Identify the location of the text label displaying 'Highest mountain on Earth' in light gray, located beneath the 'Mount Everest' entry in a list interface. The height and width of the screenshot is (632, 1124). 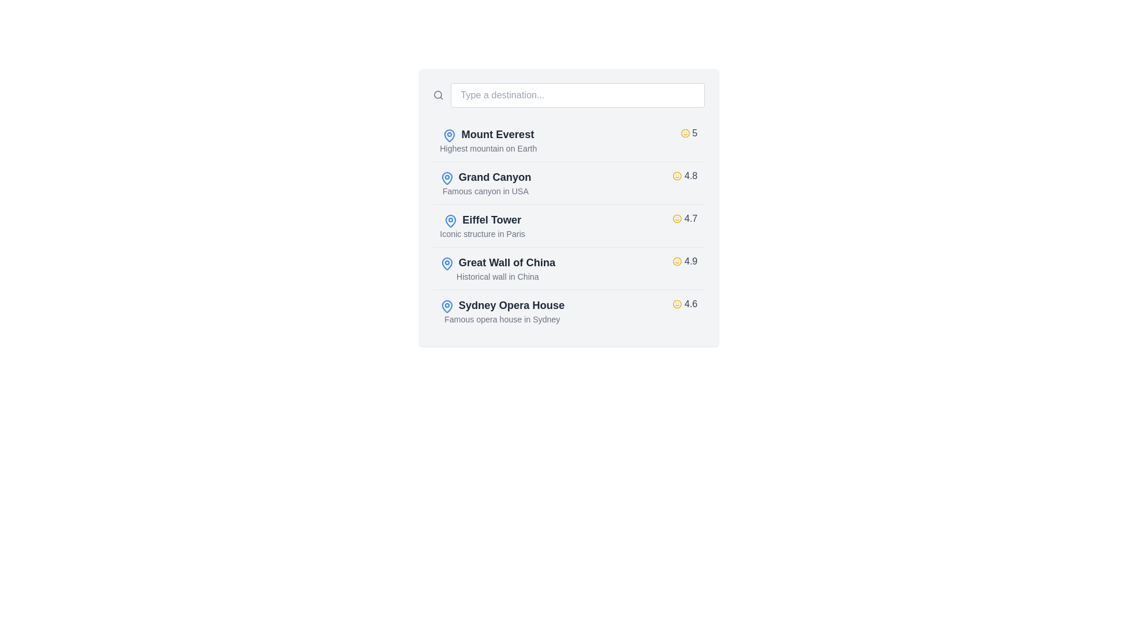
(488, 148).